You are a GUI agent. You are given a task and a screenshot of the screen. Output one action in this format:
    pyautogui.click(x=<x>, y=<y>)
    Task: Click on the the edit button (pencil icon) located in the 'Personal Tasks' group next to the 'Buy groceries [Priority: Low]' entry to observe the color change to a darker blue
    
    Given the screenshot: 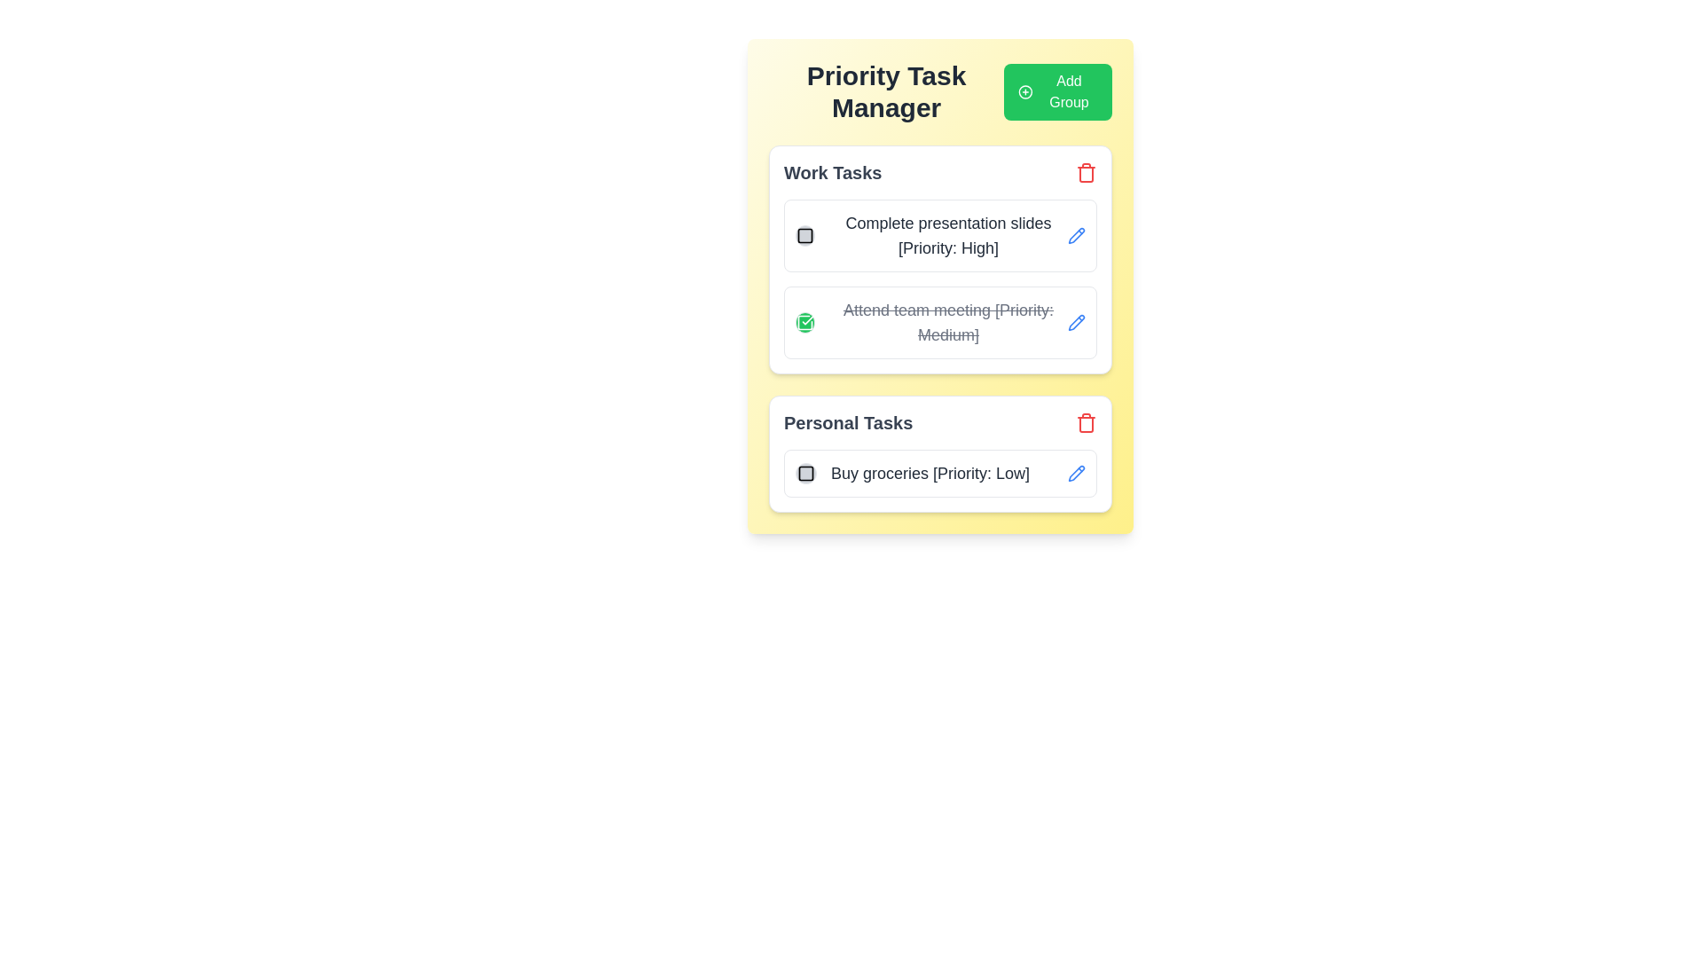 What is the action you would take?
    pyautogui.click(x=1076, y=472)
    